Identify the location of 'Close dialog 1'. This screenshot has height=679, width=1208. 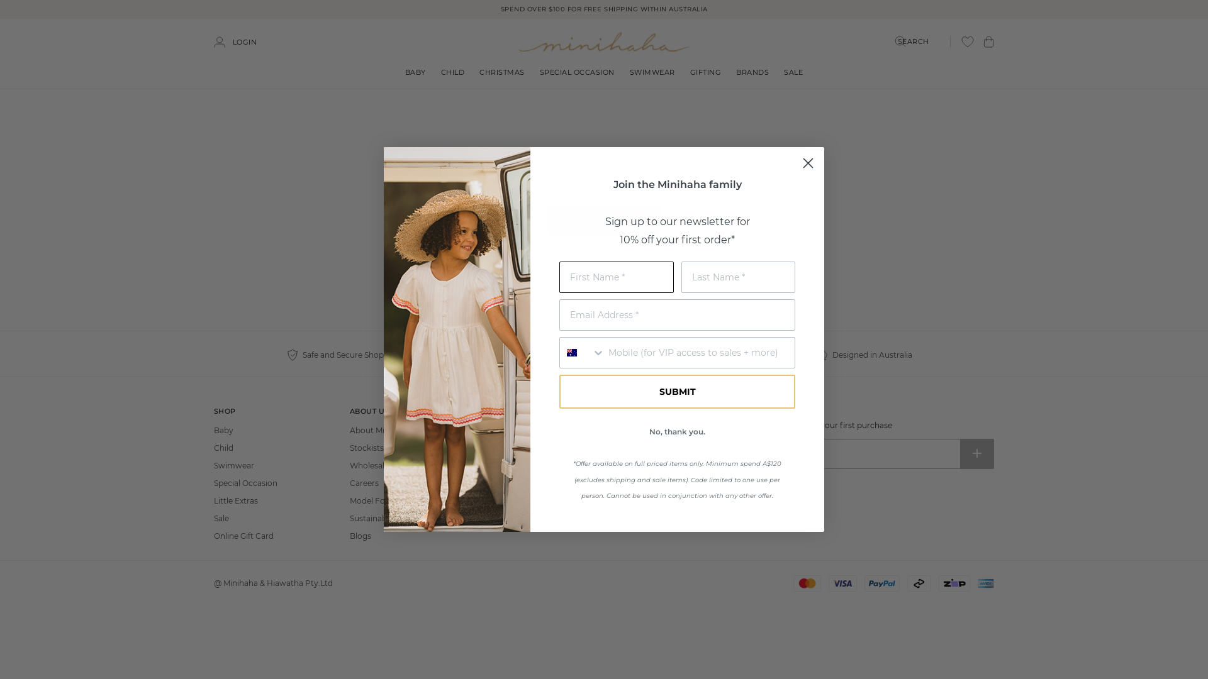
(808, 162).